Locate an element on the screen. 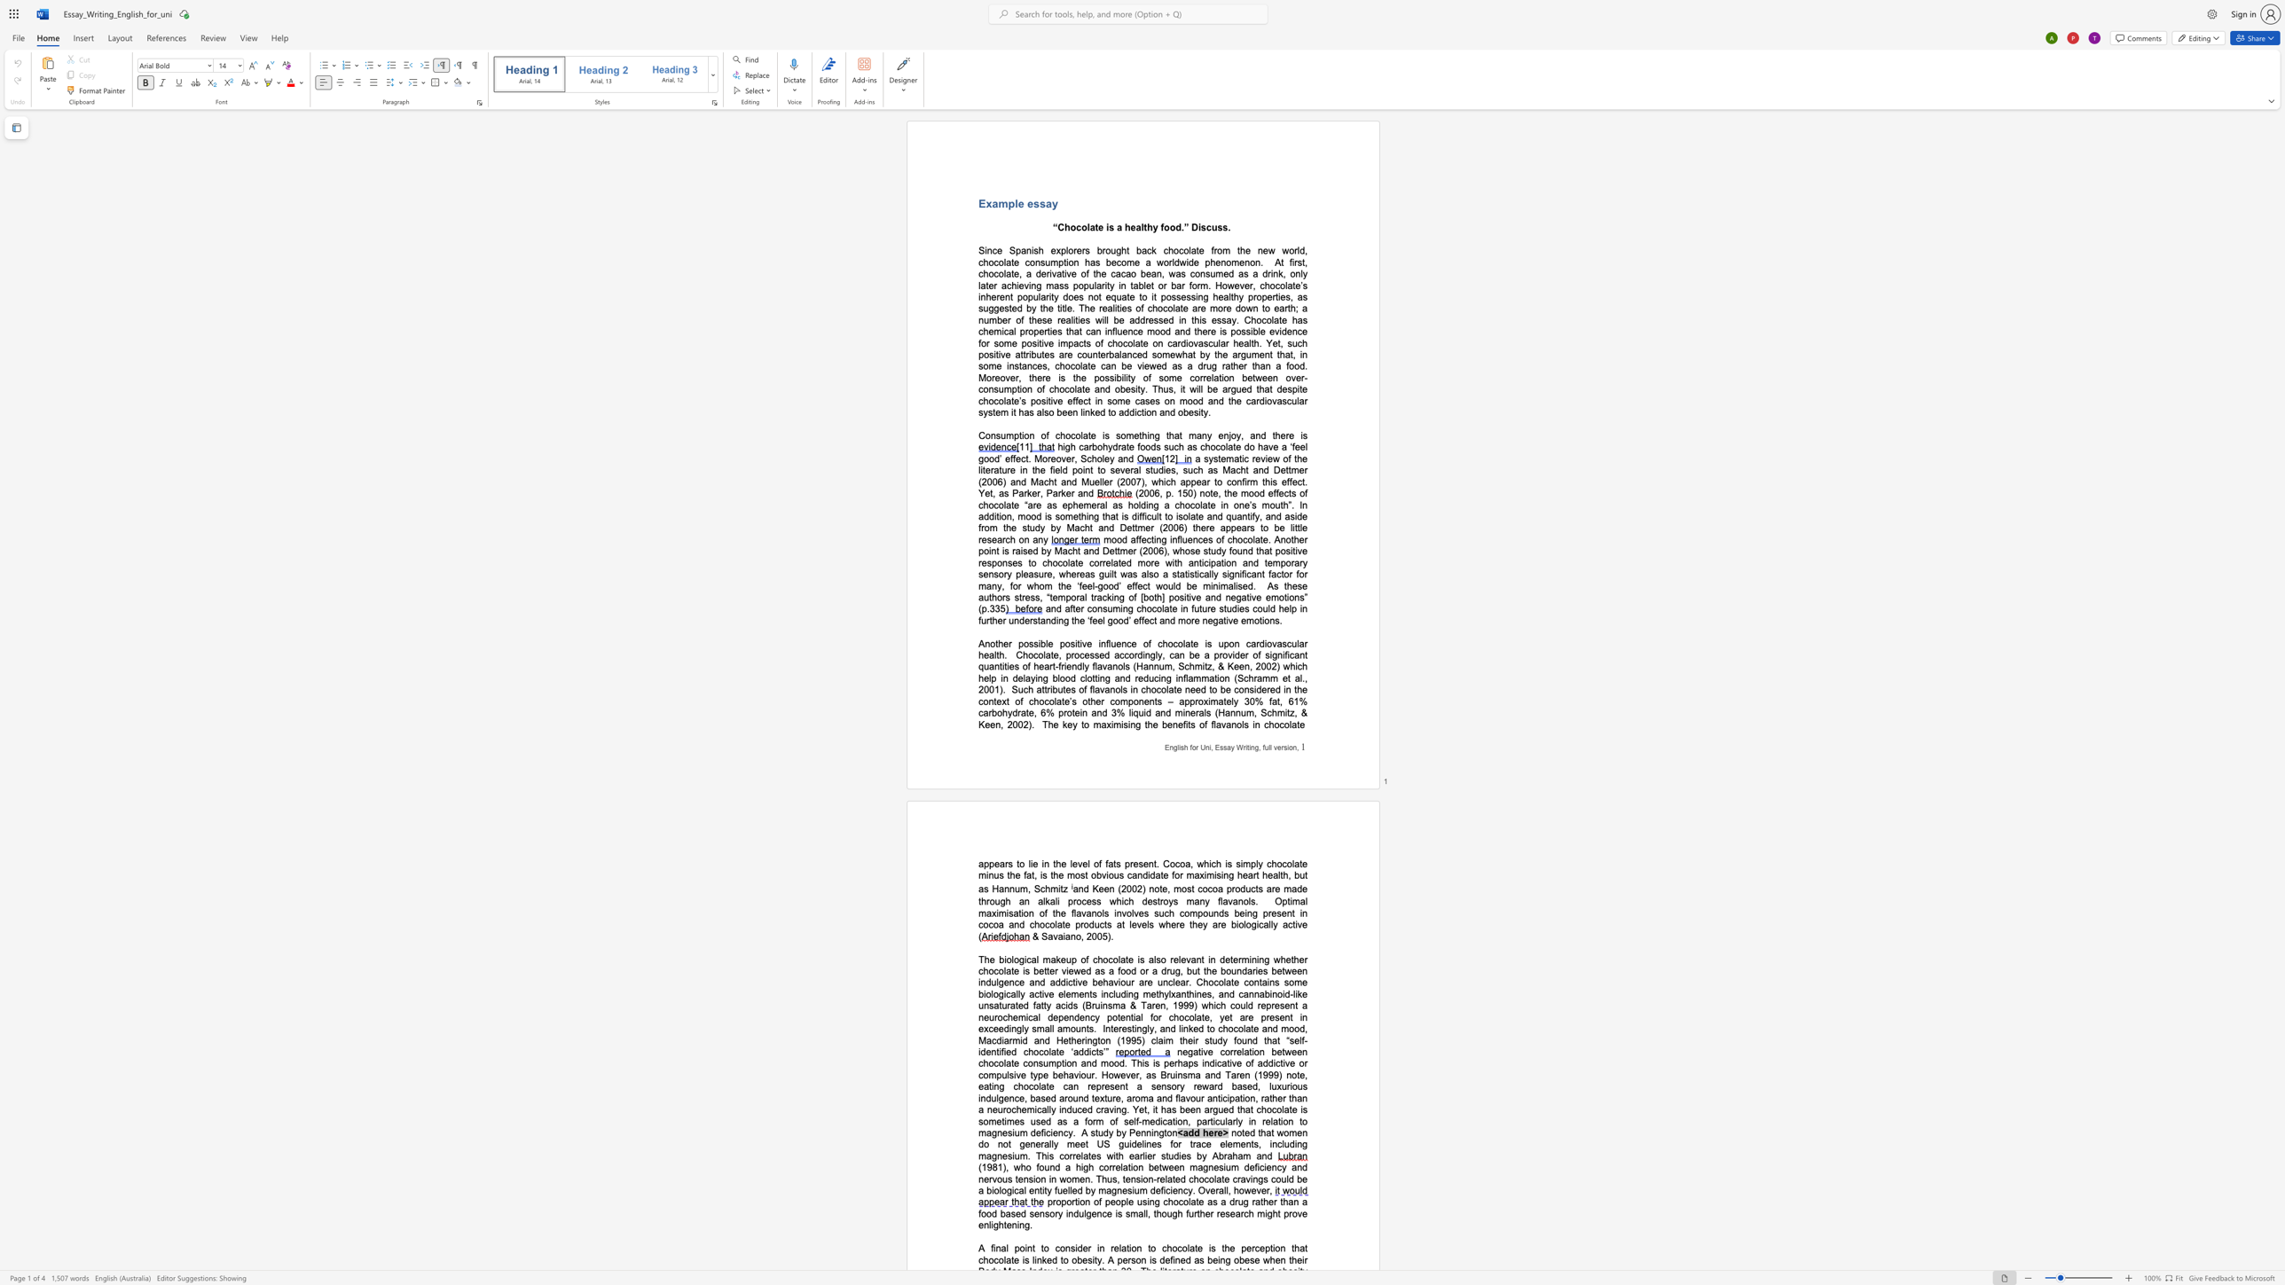  the space between the continuous character "h" and "a" in the text is located at coordinates (1188, 354).